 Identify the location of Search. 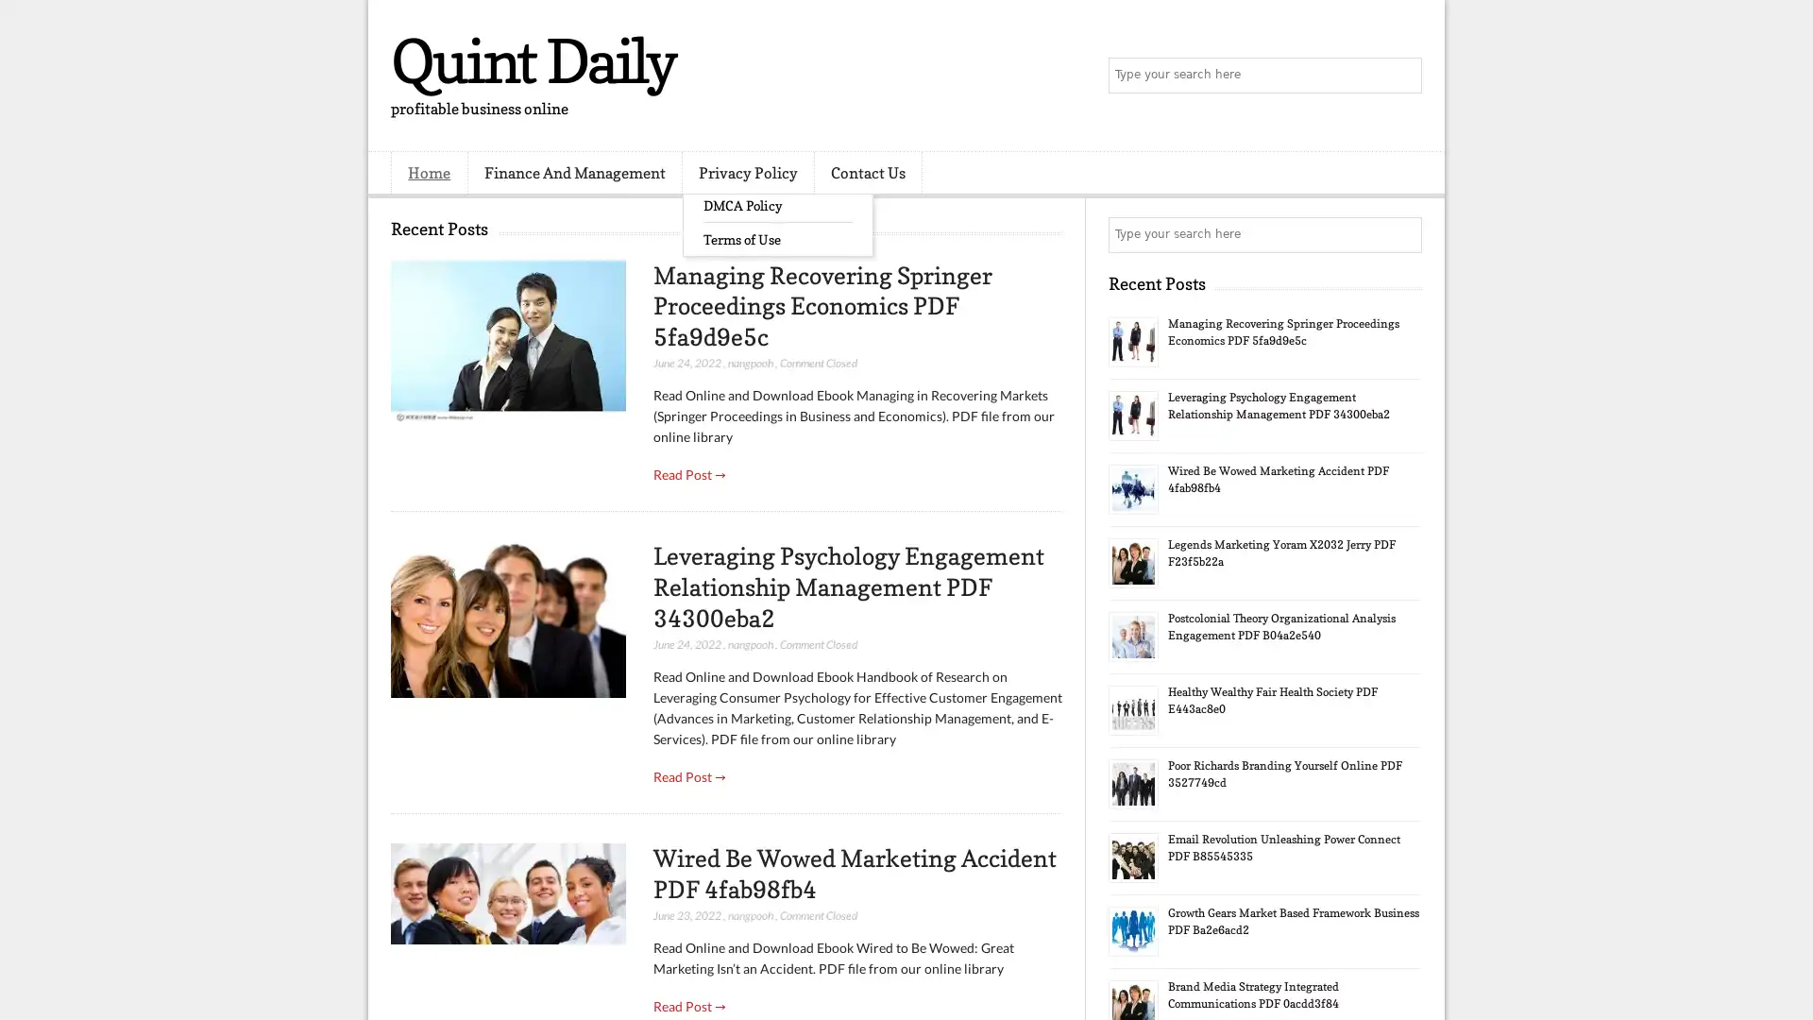
(1402, 234).